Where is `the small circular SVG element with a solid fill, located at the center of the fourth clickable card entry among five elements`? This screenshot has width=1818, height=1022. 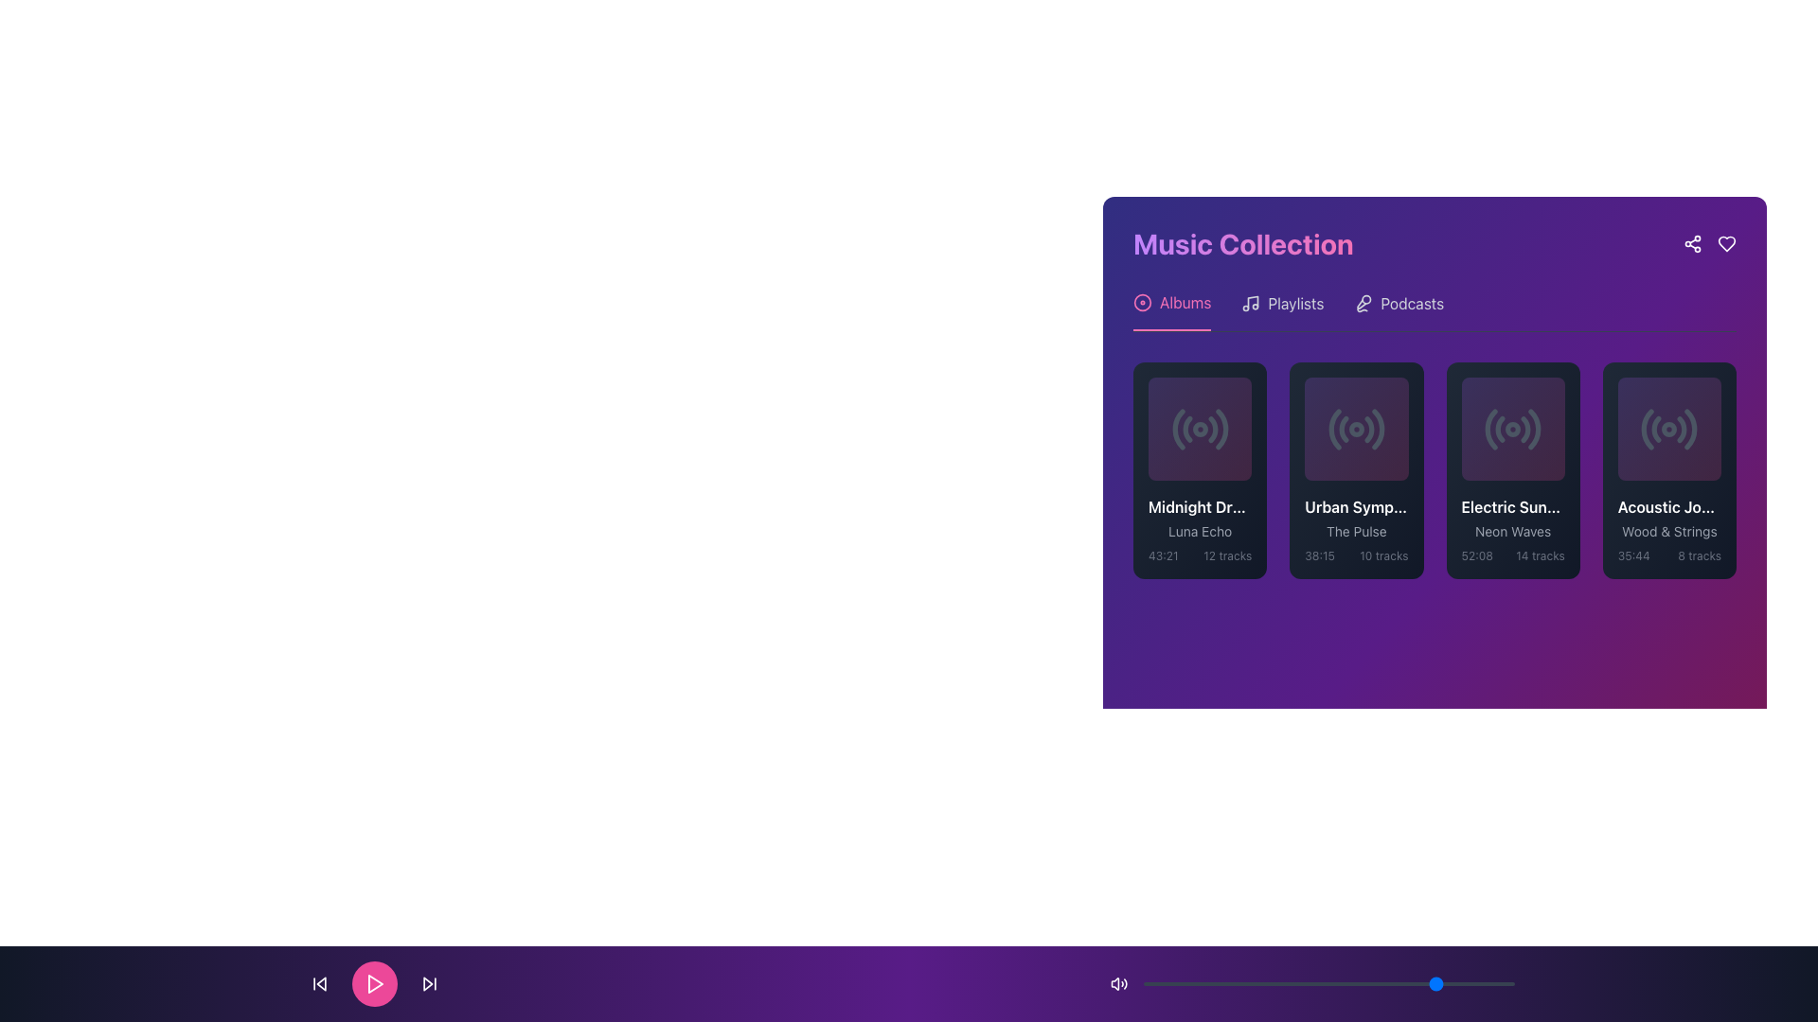
the small circular SVG element with a solid fill, located at the center of the fourth clickable card entry among five elements is located at coordinates (1669, 429).